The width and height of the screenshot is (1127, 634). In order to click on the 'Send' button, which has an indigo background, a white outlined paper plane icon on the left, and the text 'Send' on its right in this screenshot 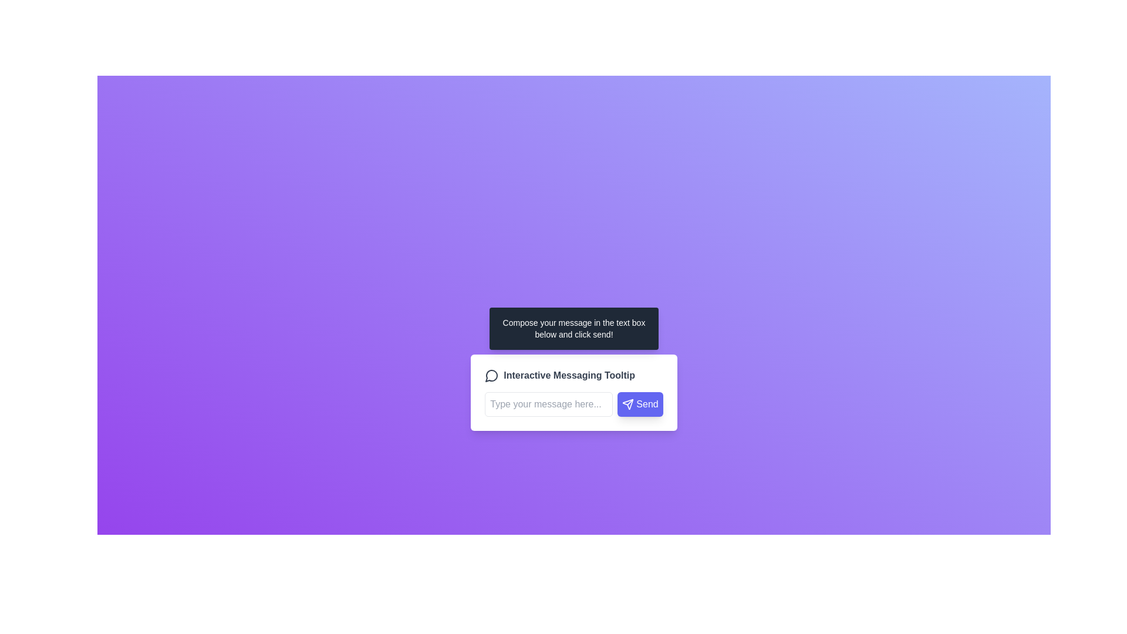, I will do `click(639, 404)`.